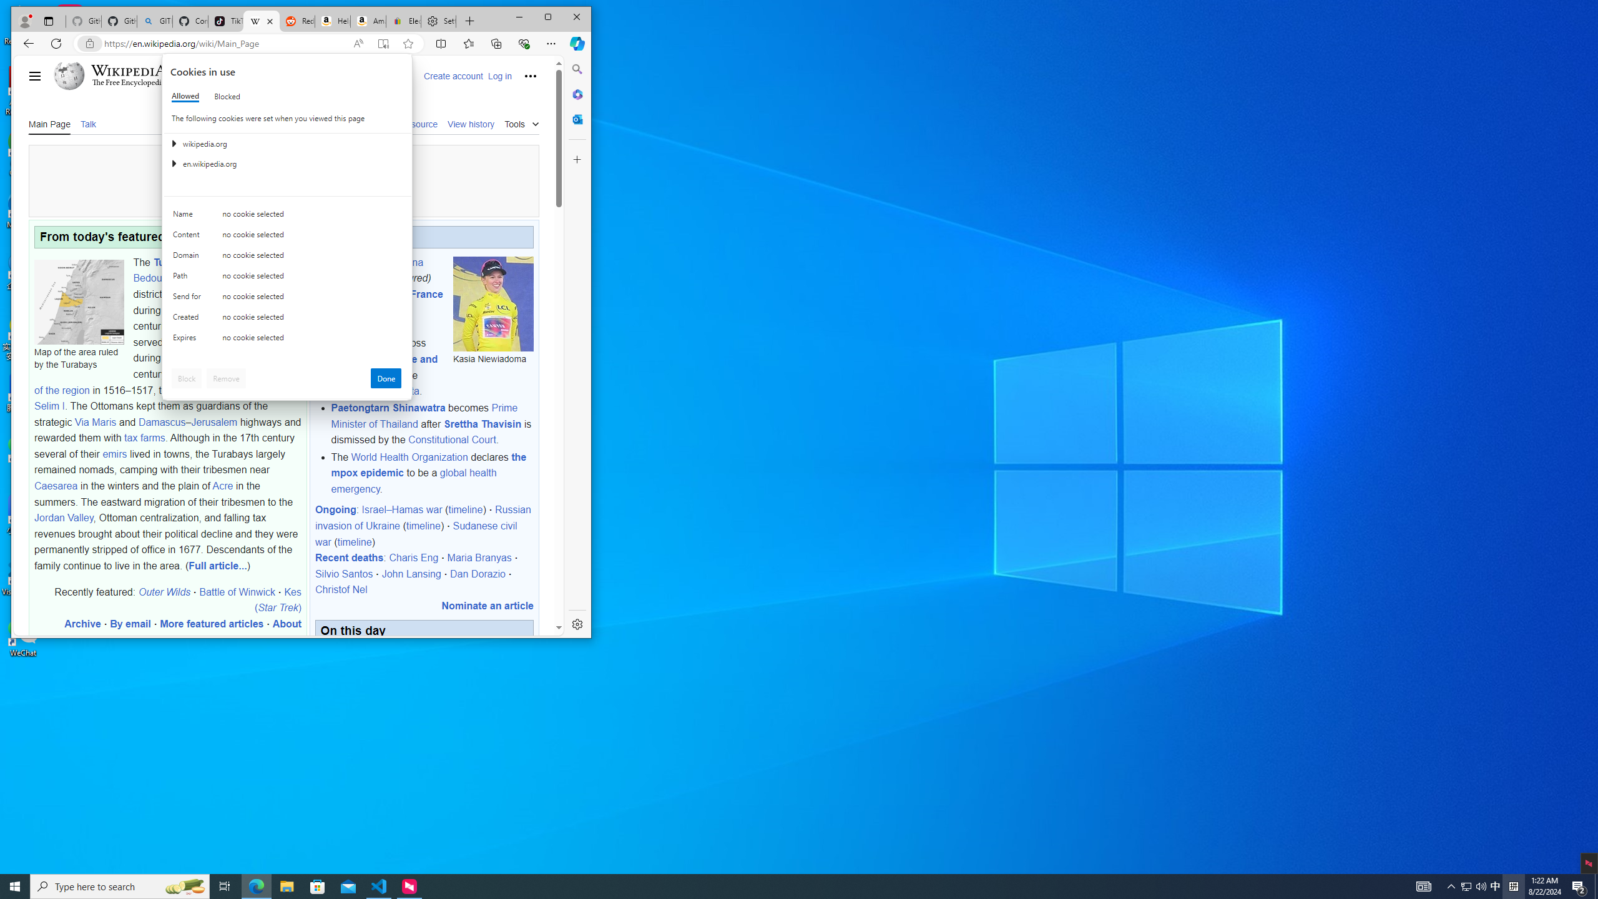 The height and width of the screenshot is (899, 1598). I want to click on 'Blocked', so click(226, 96).